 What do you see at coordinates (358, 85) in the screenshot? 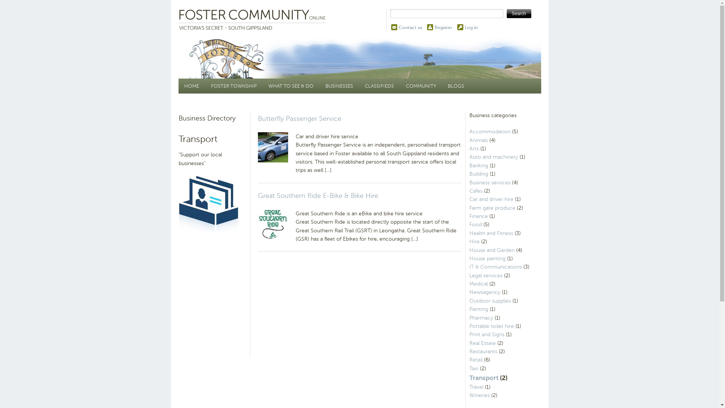
I see `'CLASSIFIEDS'` at bounding box center [358, 85].